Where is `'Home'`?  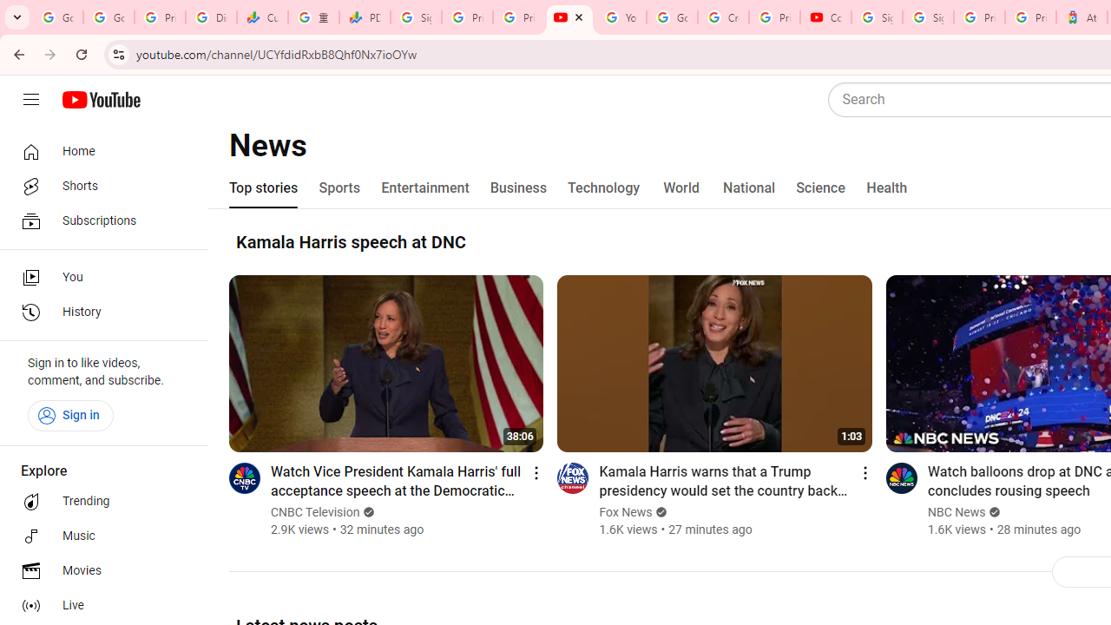
'Home' is located at coordinates (97, 150).